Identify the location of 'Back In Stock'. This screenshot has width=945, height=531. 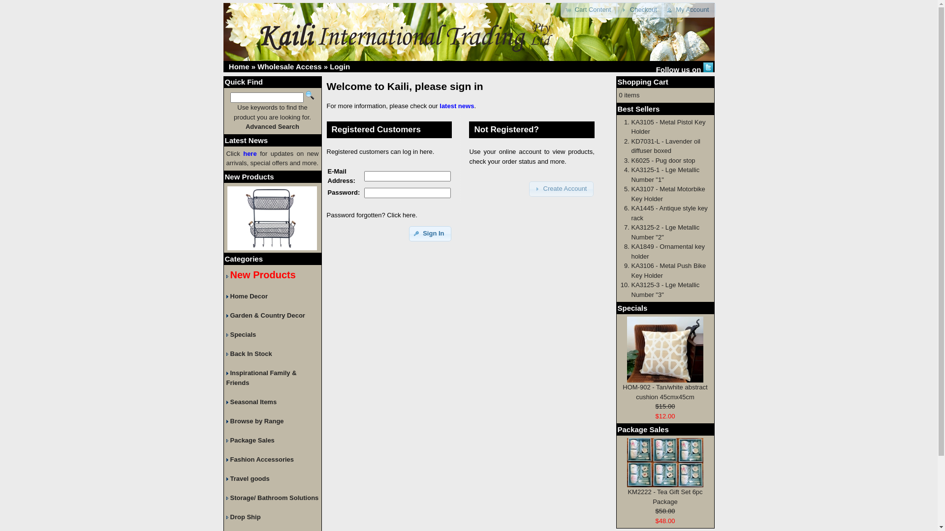
(249, 353).